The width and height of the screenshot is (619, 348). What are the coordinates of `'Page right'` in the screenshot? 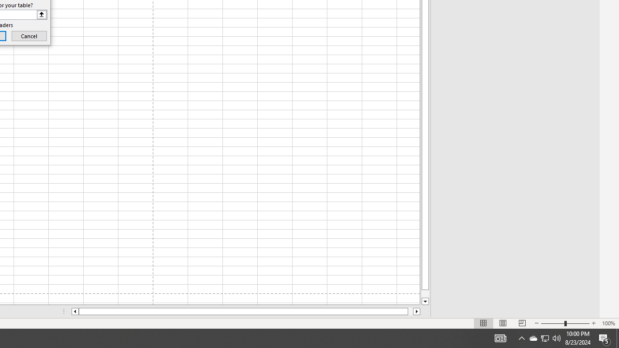 It's located at (410, 311).